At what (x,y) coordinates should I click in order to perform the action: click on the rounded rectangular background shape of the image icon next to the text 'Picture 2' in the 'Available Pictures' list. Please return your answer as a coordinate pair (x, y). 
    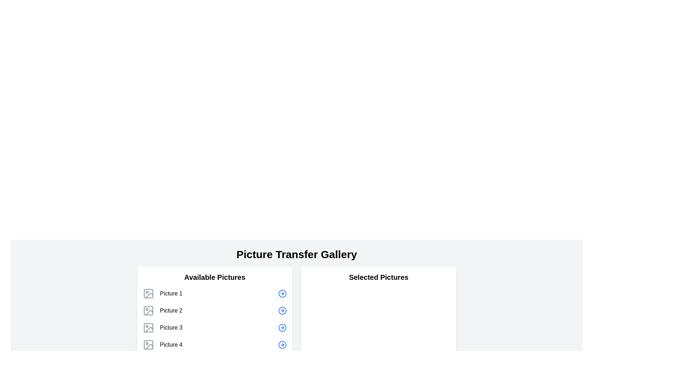
    Looking at the image, I should click on (148, 310).